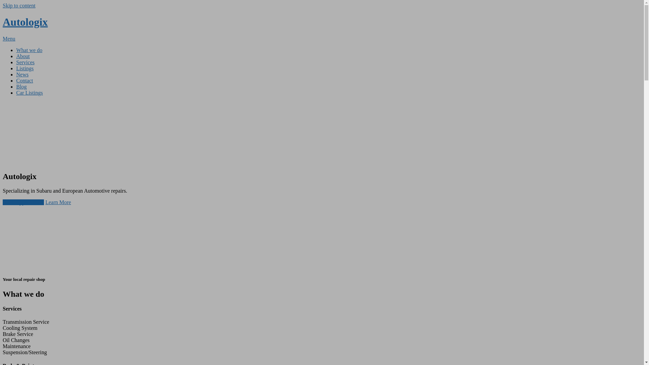 The width and height of the screenshot is (649, 365). Describe the element at coordinates (22, 74) in the screenshot. I see `'News'` at that location.